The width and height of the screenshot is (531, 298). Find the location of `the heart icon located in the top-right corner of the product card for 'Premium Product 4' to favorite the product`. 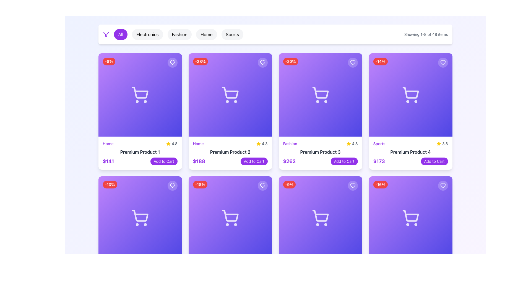

the heart icon located in the top-right corner of the product card for 'Premium Product 4' to favorite the product is located at coordinates (443, 185).